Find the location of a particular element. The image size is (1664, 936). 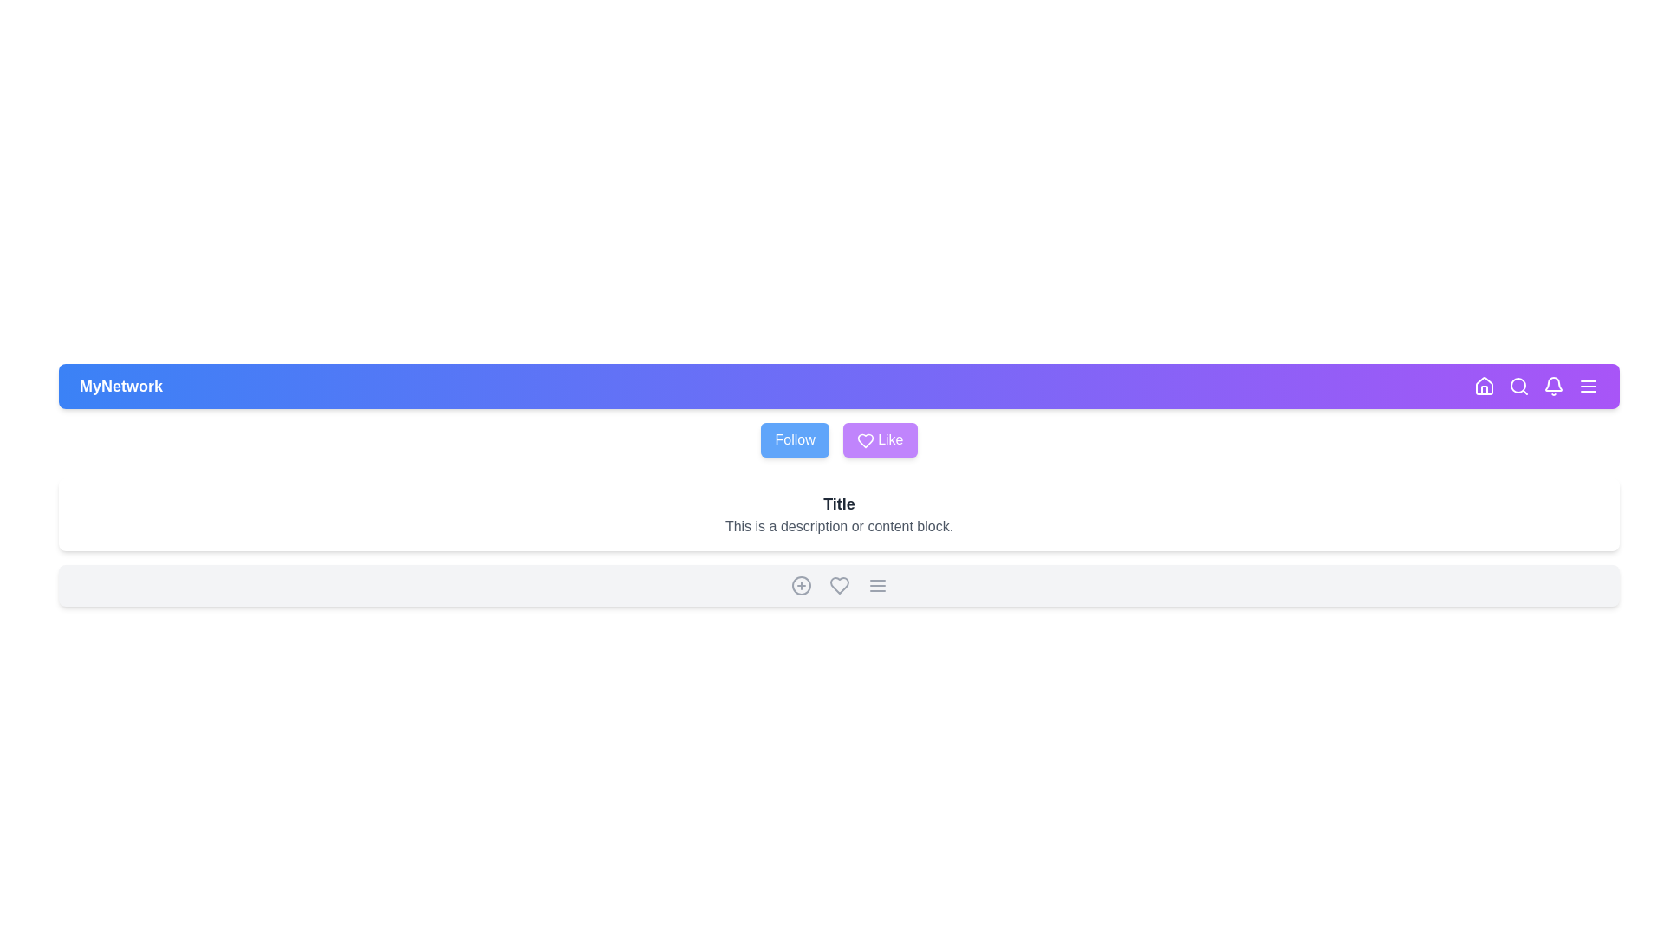

the navigational link titled 'MyNetwork' located on the left-hand side of the header bar is located at coordinates (120, 386).